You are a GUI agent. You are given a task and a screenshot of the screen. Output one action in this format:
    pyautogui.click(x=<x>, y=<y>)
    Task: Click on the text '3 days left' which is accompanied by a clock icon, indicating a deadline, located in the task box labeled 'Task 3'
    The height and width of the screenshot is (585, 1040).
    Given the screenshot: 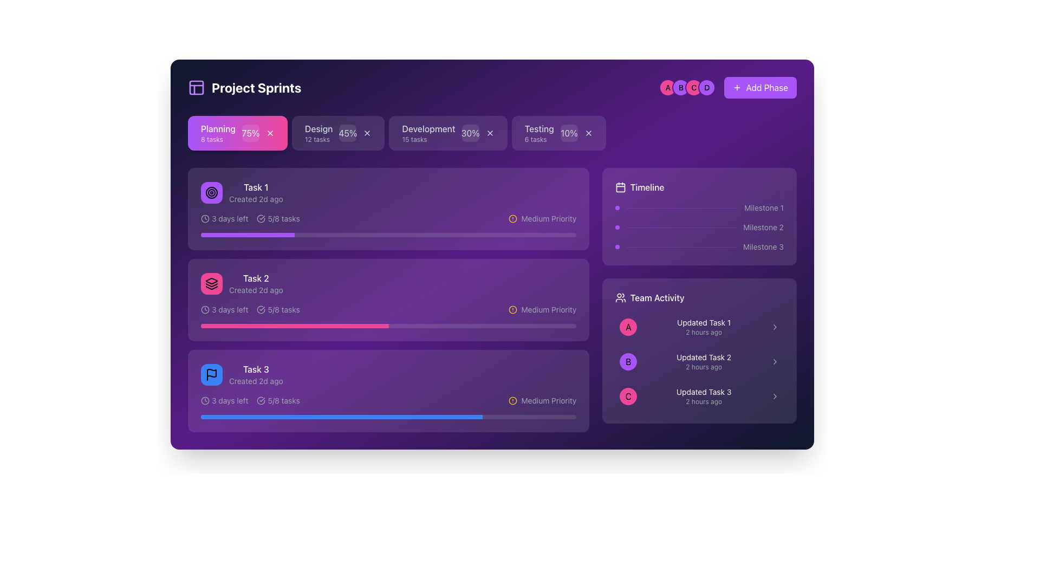 What is the action you would take?
    pyautogui.click(x=224, y=401)
    